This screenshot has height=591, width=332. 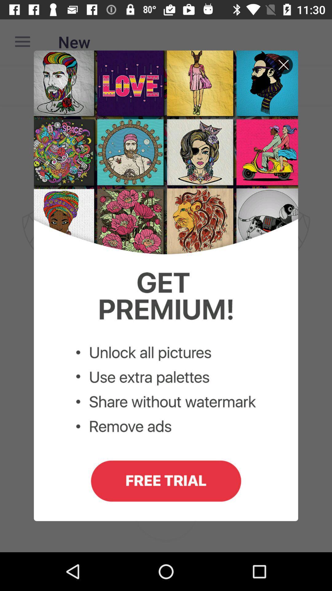 I want to click on get free trial, so click(x=166, y=285).